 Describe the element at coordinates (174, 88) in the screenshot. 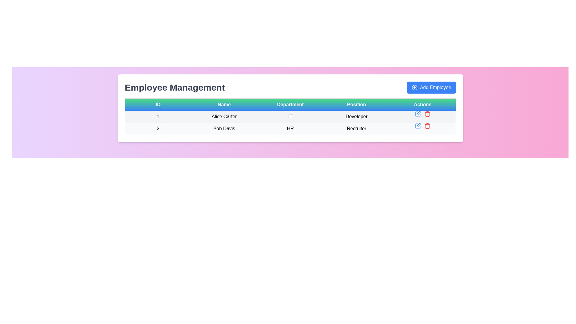

I see `the 'Employee Management' text label, which serves as a section header indicating the context of the content below` at that location.